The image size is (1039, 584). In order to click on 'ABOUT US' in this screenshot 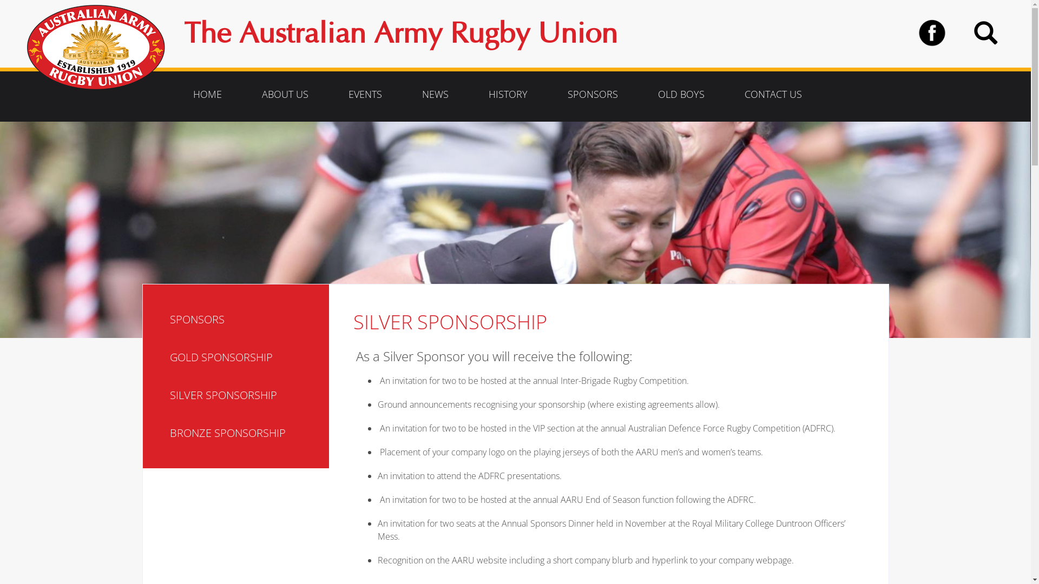, I will do `click(246, 93)`.